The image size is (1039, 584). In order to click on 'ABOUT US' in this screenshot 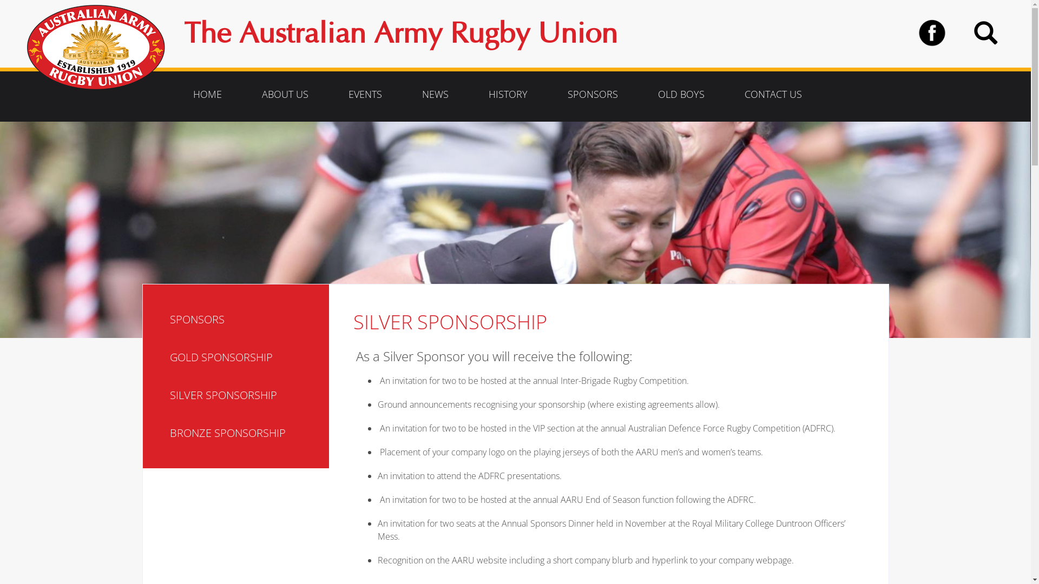, I will do `click(246, 93)`.